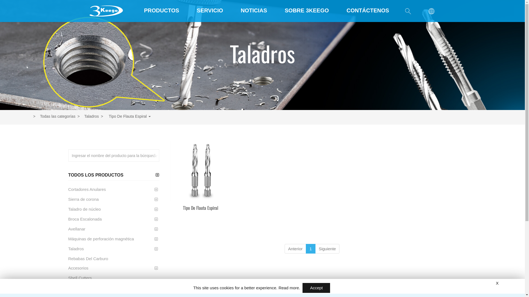 The height and width of the screenshot is (297, 529). What do you see at coordinates (302, 287) in the screenshot?
I see `'Accept'` at bounding box center [302, 287].